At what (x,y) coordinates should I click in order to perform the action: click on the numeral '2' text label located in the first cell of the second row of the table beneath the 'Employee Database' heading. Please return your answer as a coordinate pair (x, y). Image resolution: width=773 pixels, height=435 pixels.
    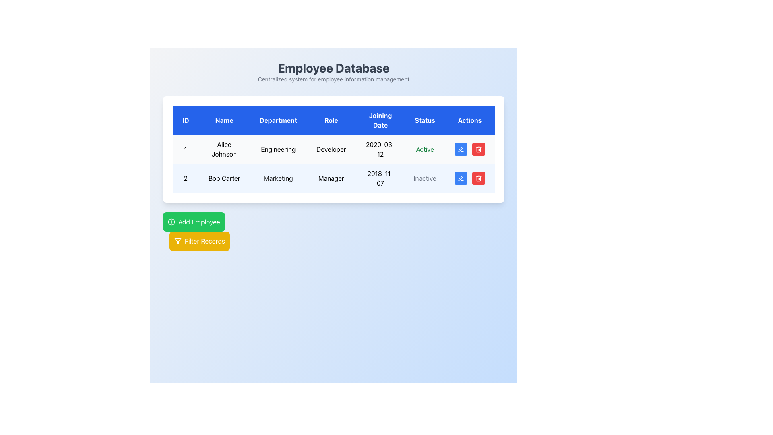
    Looking at the image, I should click on (185, 178).